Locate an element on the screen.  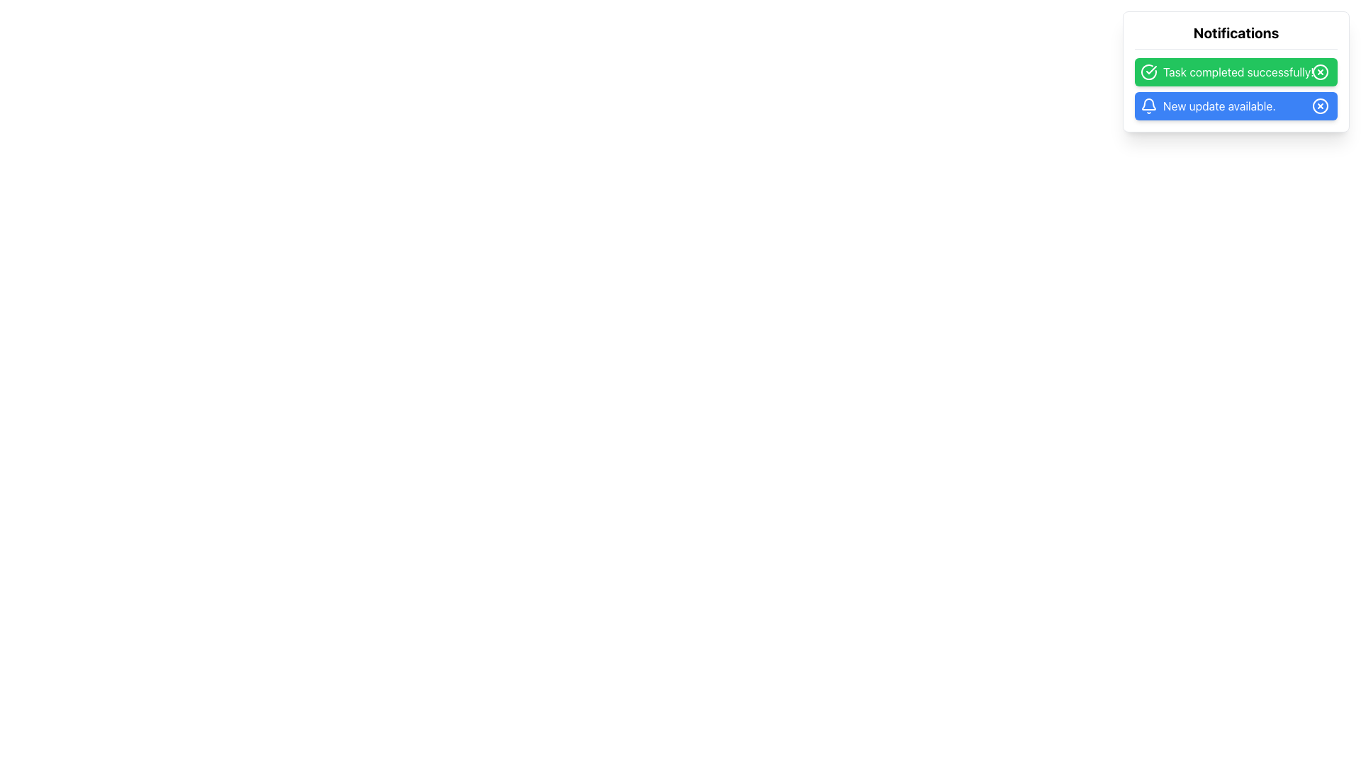
the notification icon in the second notification row titled 'New update available.' is located at coordinates (1149, 103).